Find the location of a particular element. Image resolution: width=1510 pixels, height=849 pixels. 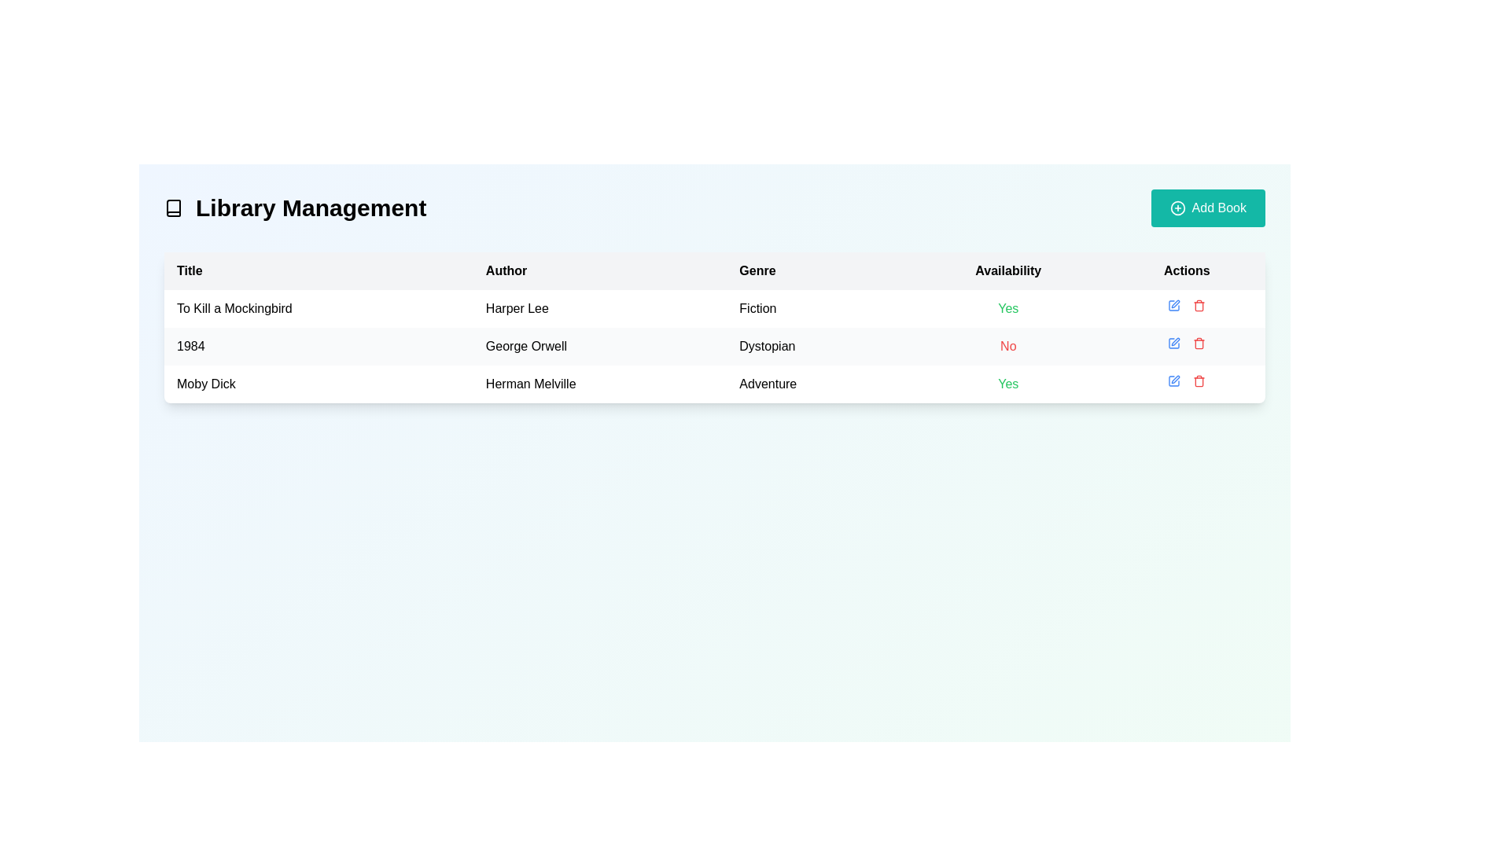

the 'Edit' action button located in the 'Actions' column of the last row of the table, aligned horizontally with the 'Moby Dick' row is located at coordinates (1173, 381).